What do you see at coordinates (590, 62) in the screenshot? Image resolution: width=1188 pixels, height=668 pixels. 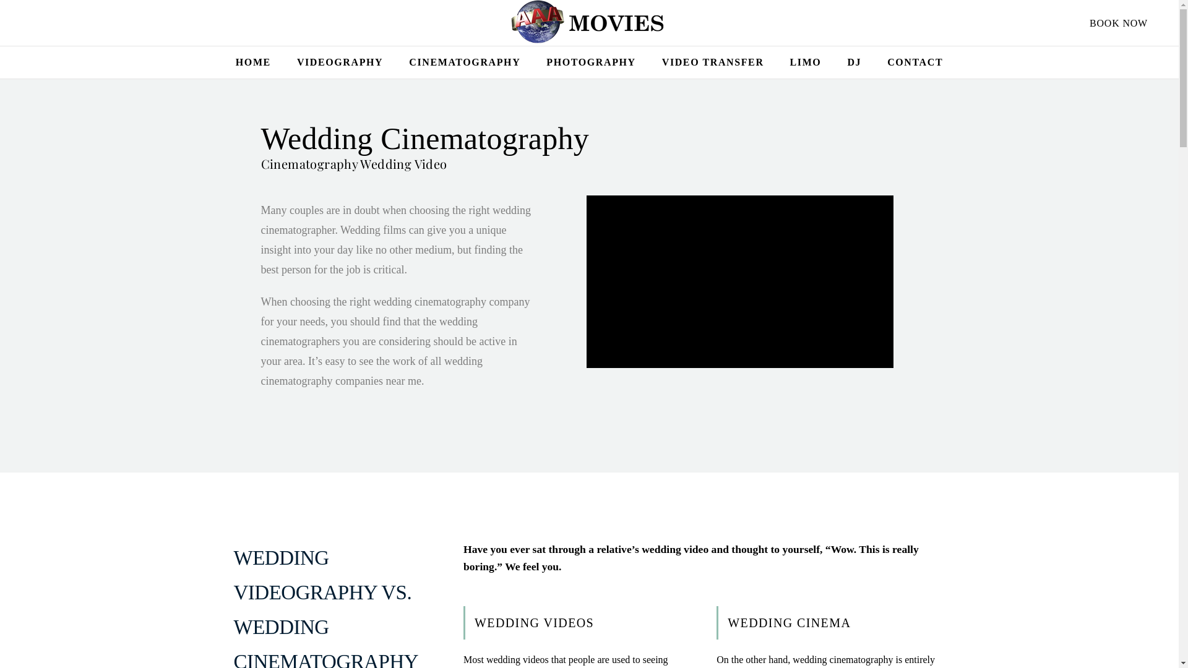 I see `'PHOTOGRAPHY'` at bounding box center [590, 62].